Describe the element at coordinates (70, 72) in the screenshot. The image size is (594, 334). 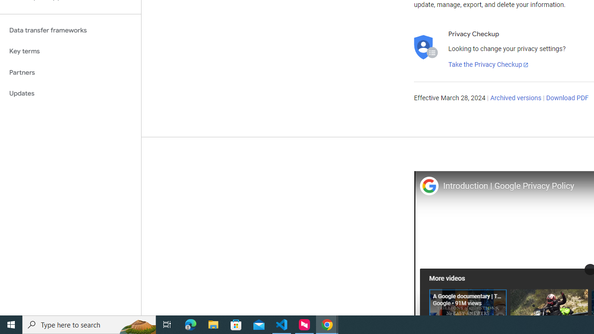
I see `'Partners'` at that location.